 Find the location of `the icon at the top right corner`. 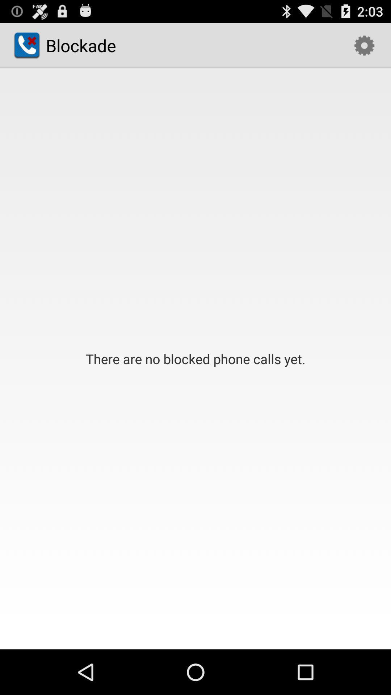

the icon at the top right corner is located at coordinates (364, 45).